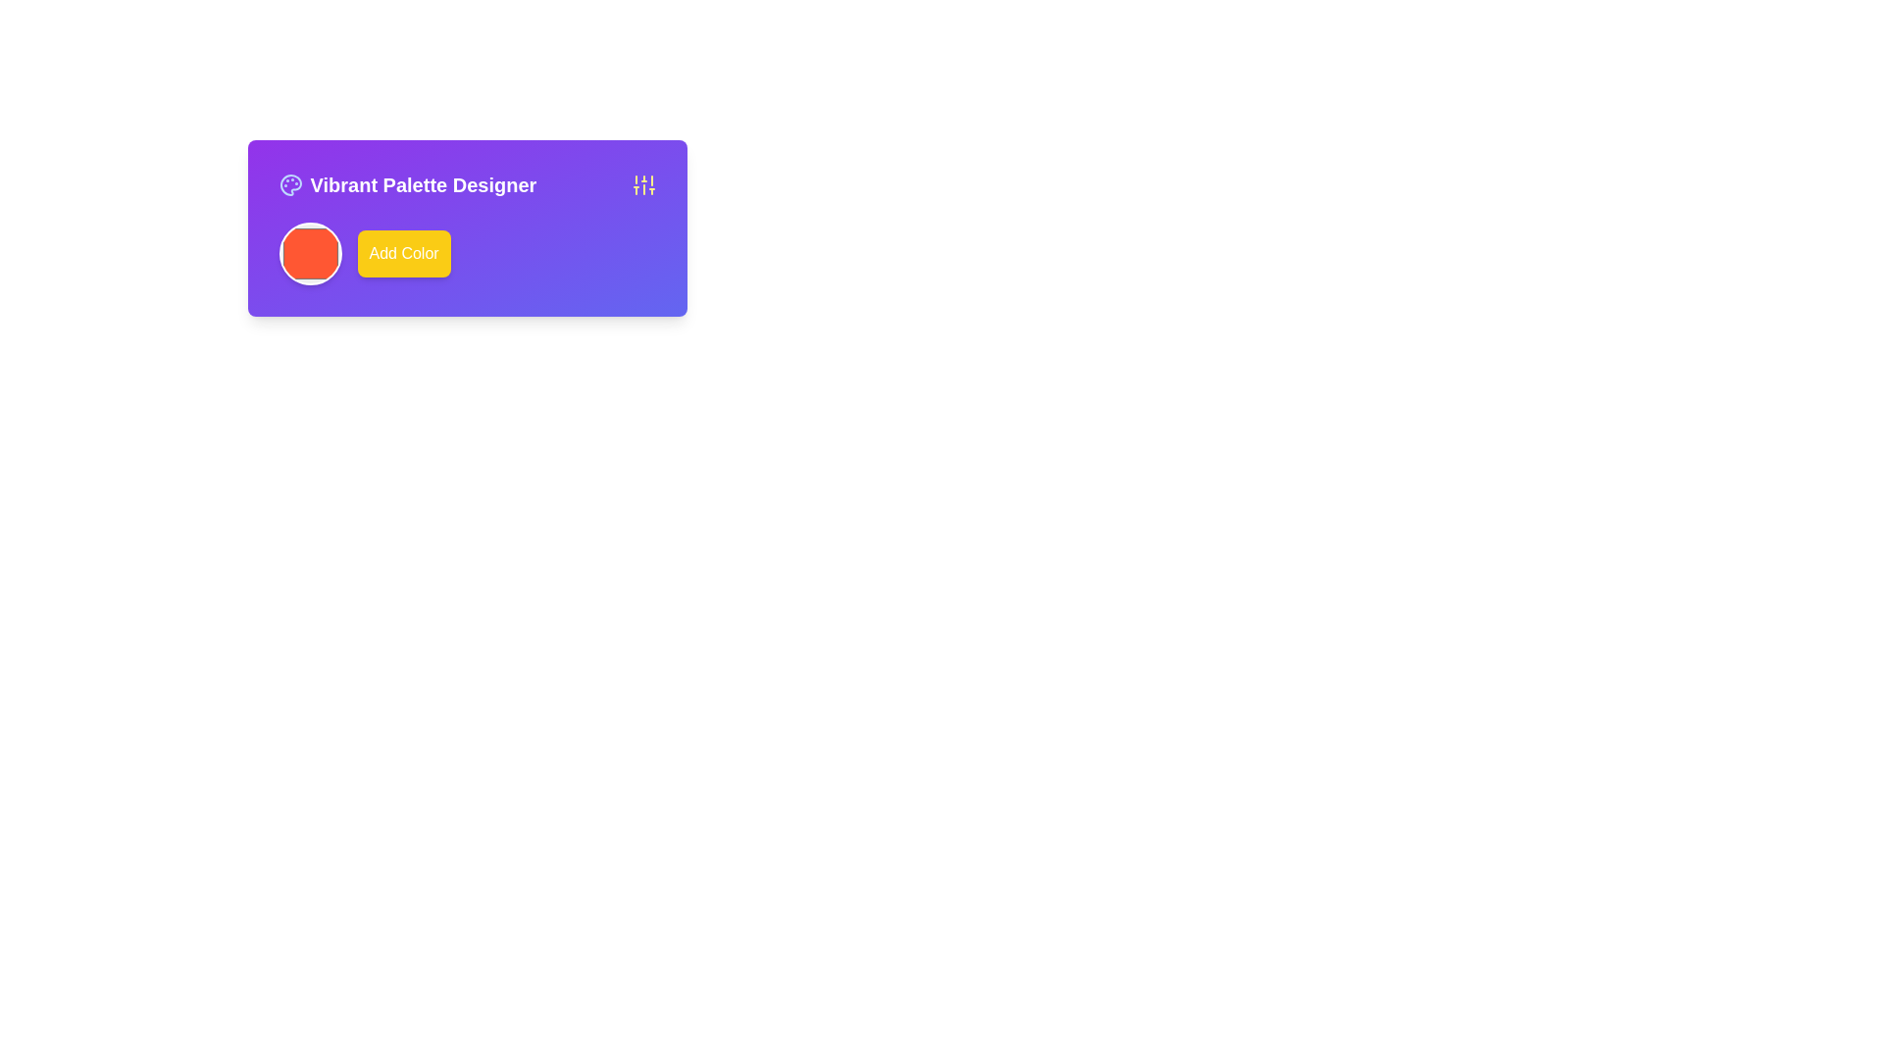 The height and width of the screenshot is (1059, 1883). I want to click on the button located in the center-right area of the 'Vibrant Palette Designer' purple card, so click(466, 252).